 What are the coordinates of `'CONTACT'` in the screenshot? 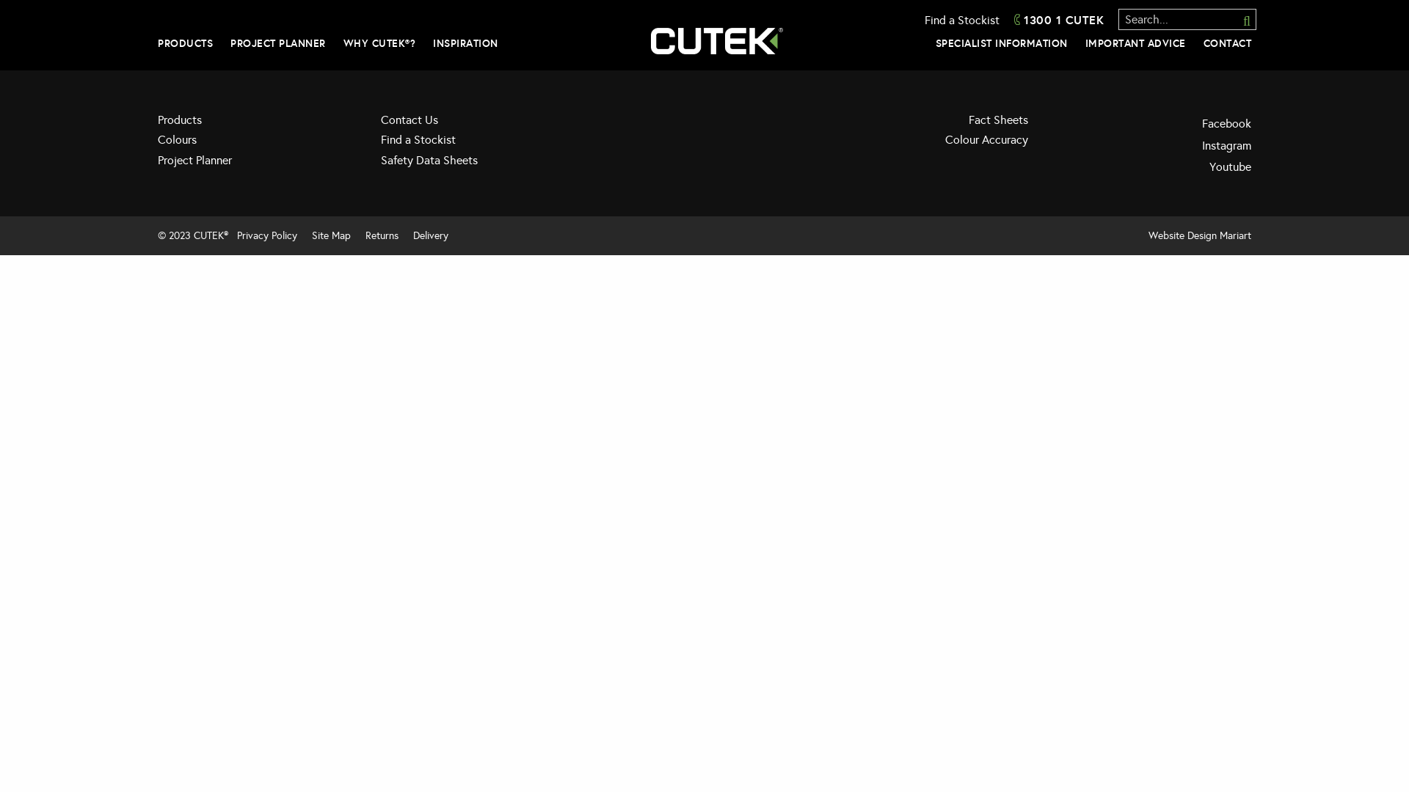 It's located at (1228, 42).